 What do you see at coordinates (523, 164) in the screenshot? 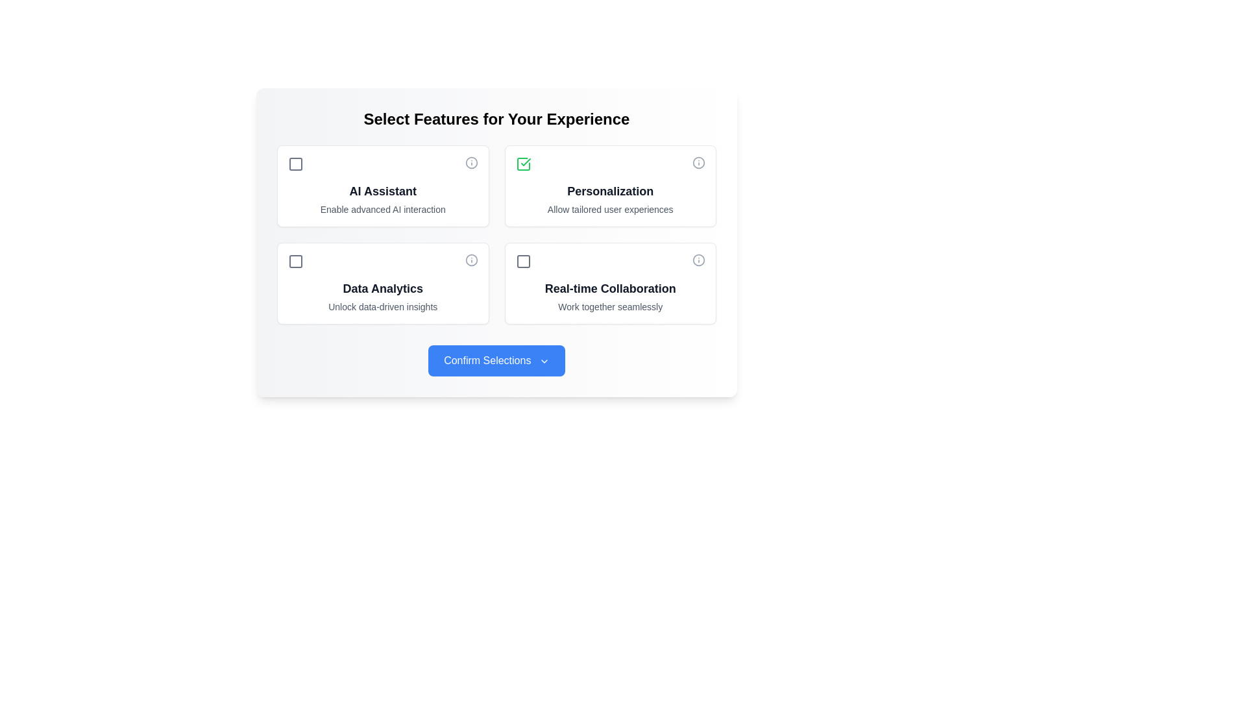
I see `the checkbox with a green checkmark inside, located in the top right corner of the 'Personalization' card` at bounding box center [523, 164].